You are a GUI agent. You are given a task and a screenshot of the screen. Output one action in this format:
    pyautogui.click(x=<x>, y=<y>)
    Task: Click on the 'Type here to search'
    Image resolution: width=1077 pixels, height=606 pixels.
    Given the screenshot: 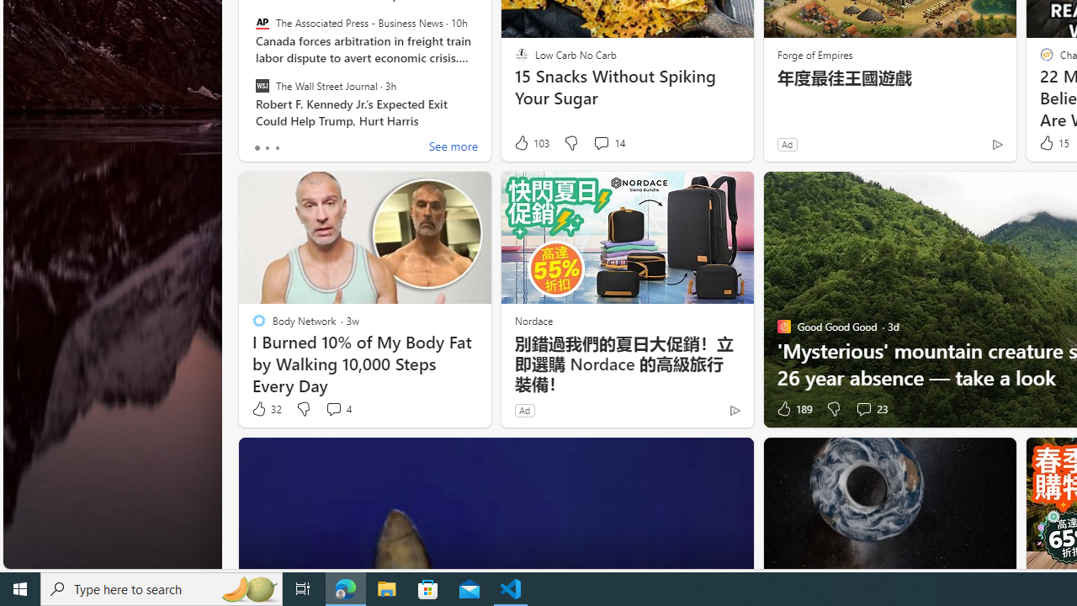 What is the action you would take?
    pyautogui.click(x=162, y=587)
    